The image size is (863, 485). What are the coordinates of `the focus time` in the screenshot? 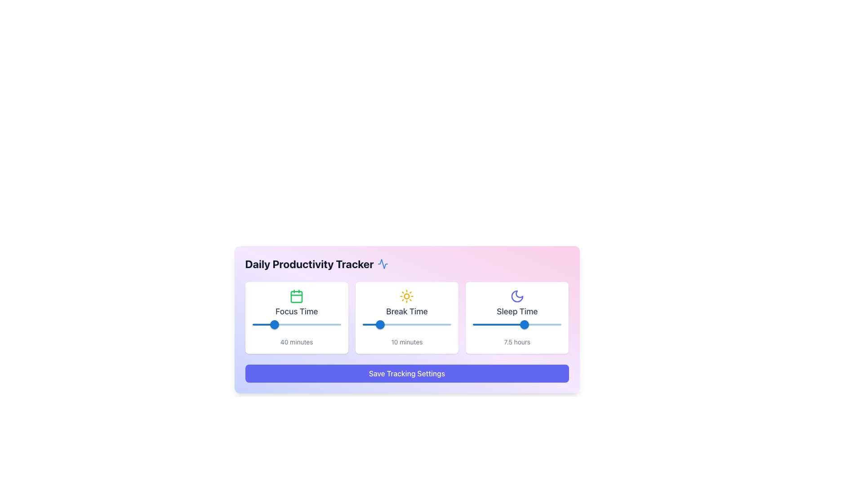 It's located at (269, 324).